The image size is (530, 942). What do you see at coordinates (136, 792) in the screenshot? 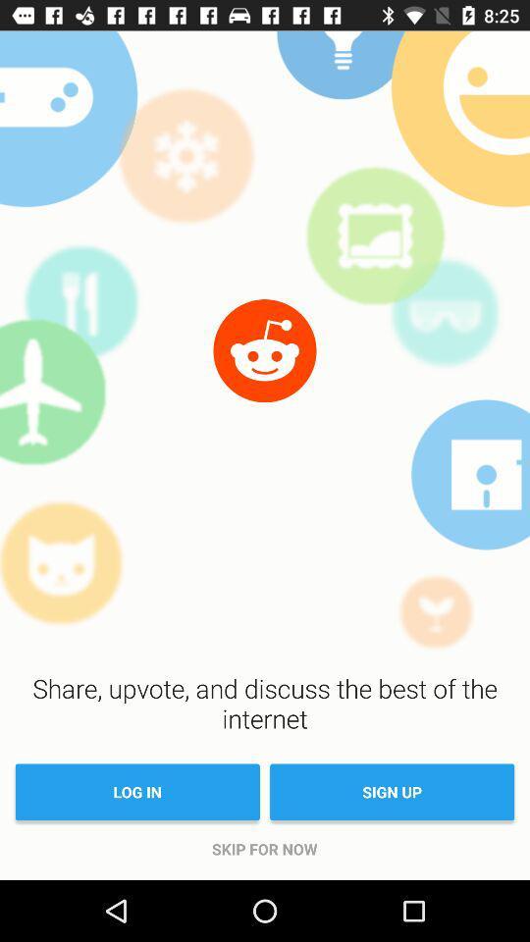
I see `the log in icon` at bounding box center [136, 792].